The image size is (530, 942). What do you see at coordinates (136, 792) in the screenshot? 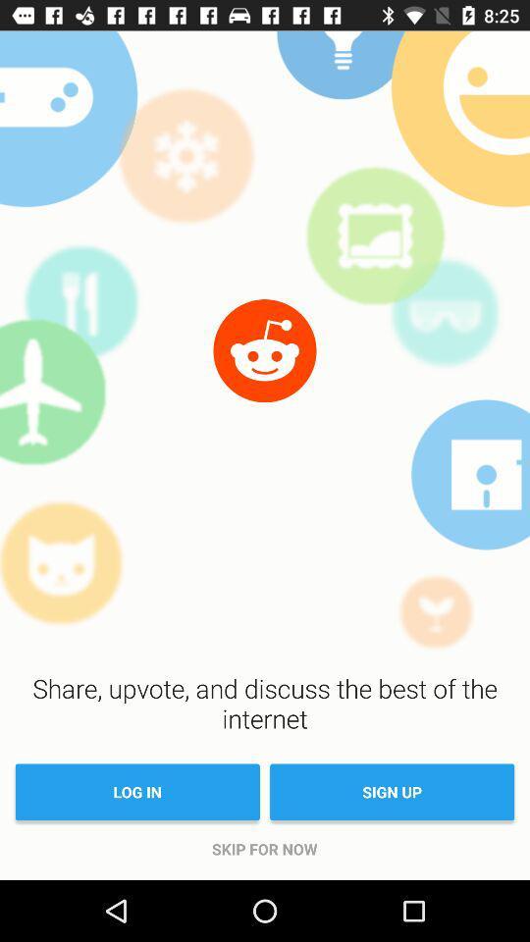
I see `the log in icon` at bounding box center [136, 792].